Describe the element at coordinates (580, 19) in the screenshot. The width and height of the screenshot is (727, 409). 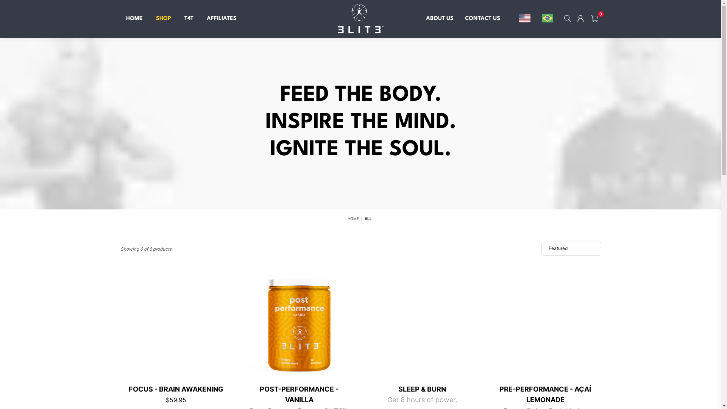
I see `'Logout'` at that location.